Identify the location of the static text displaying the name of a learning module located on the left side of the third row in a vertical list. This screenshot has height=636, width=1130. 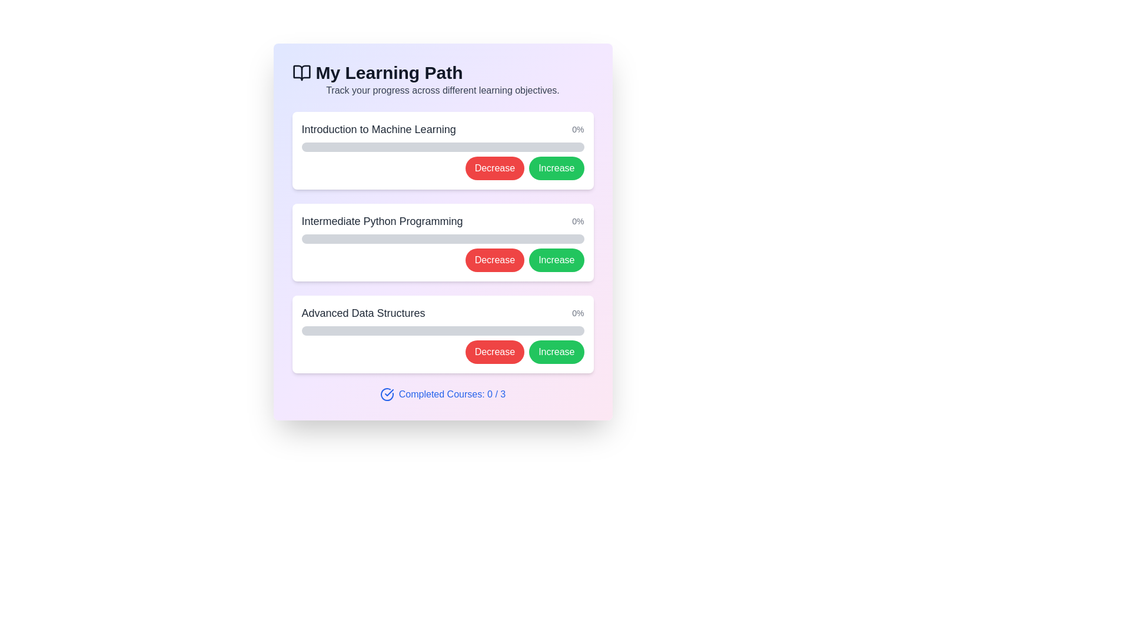
(363, 313).